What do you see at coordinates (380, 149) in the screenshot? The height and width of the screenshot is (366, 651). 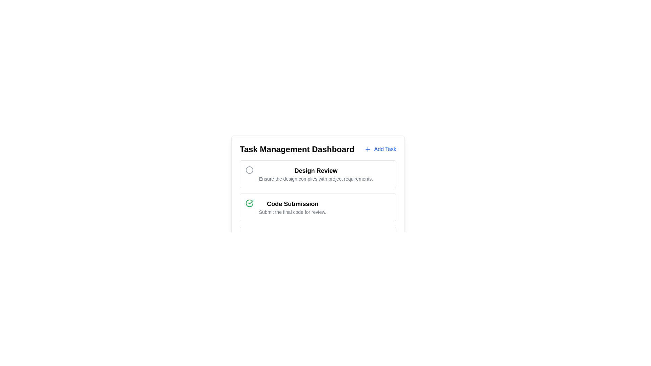 I see `the 'Add Task' button located at the top-right of the 'Task Management Dashboard' for keyboard interaction` at bounding box center [380, 149].